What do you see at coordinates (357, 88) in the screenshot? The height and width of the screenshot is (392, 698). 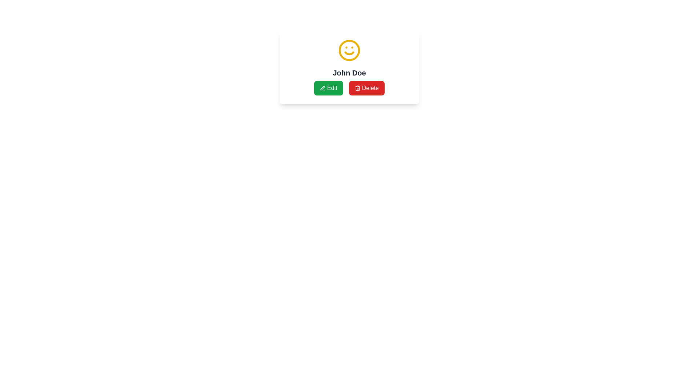 I see `the 'Delete' icon, which is represented by a trash bin image located to the right of the 'Delete' button below the name 'John Doe'` at bounding box center [357, 88].